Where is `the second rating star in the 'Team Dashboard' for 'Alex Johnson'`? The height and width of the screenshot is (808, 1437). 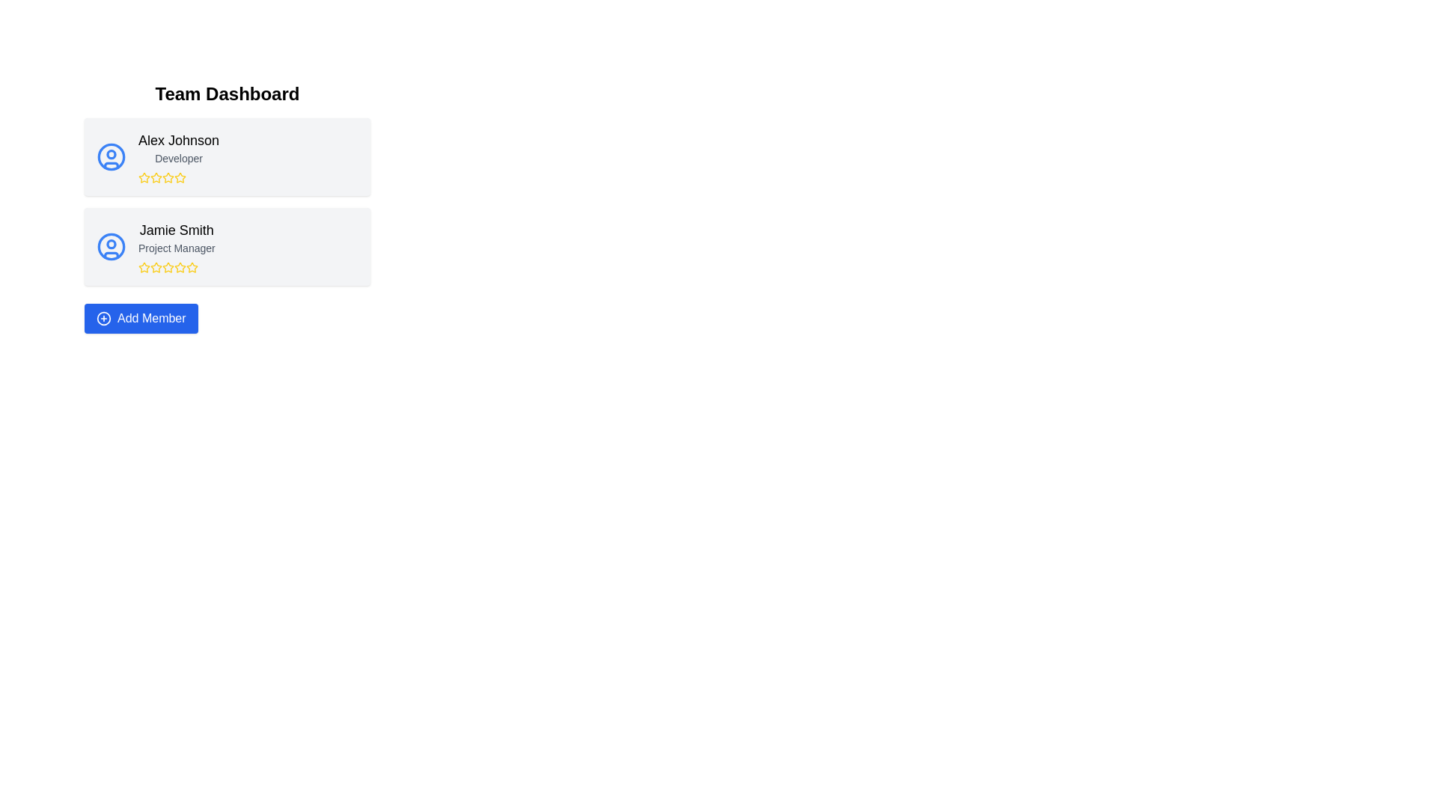
the second rating star in the 'Team Dashboard' for 'Alex Johnson' is located at coordinates (180, 177).